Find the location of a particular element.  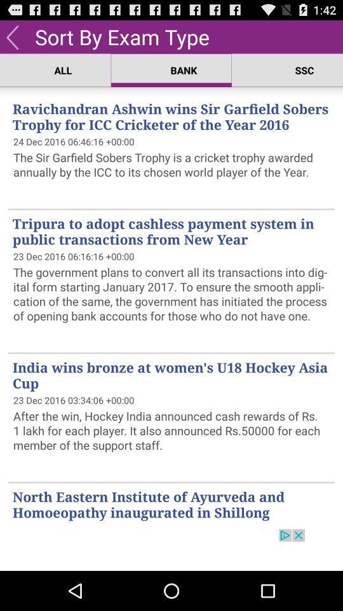

previous page is located at coordinates (11, 36).